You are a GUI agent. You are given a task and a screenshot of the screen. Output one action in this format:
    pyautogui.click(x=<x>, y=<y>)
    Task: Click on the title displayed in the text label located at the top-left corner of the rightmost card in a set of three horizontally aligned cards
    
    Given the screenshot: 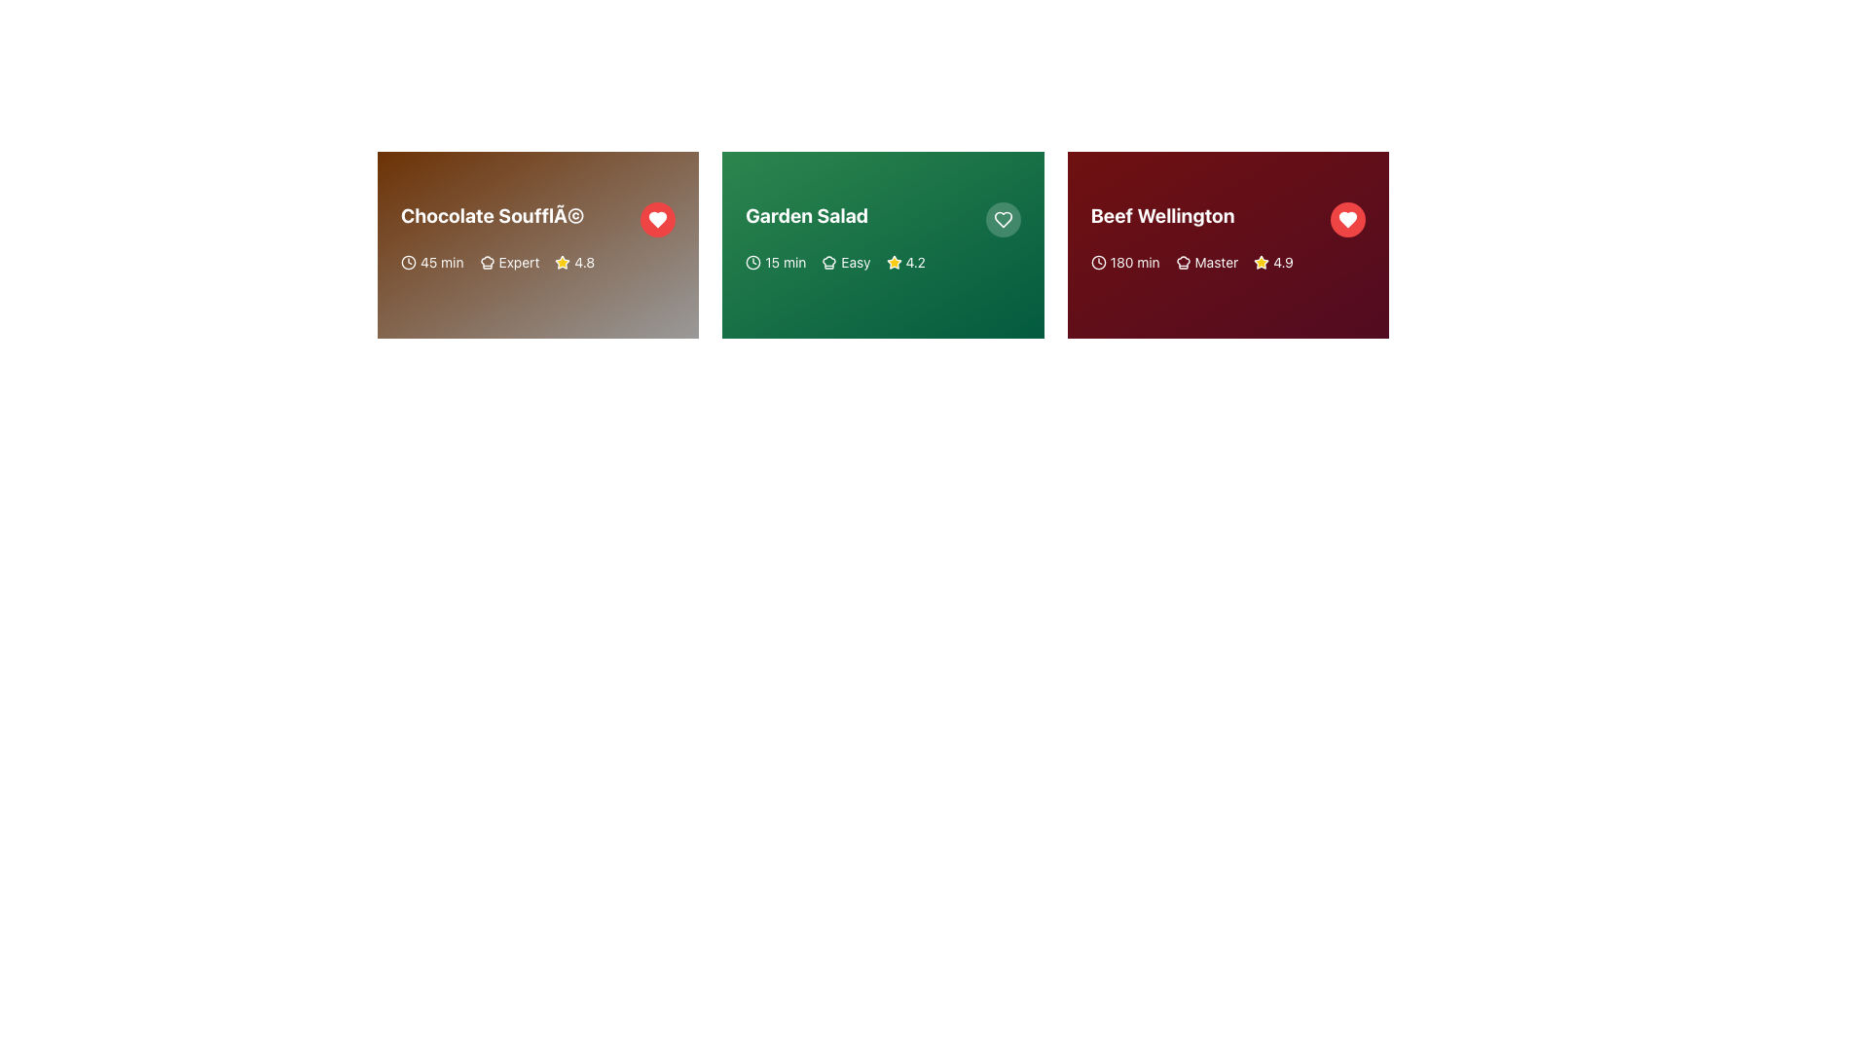 What is the action you would take?
    pyautogui.click(x=1162, y=216)
    